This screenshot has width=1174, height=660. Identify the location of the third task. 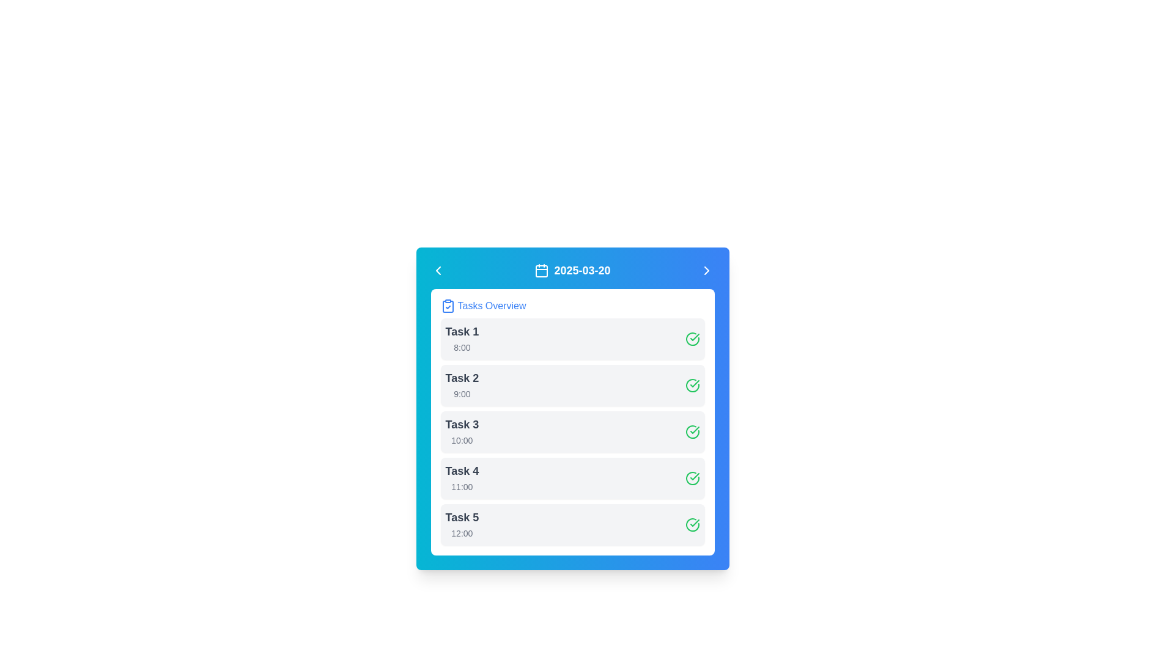
(572, 421).